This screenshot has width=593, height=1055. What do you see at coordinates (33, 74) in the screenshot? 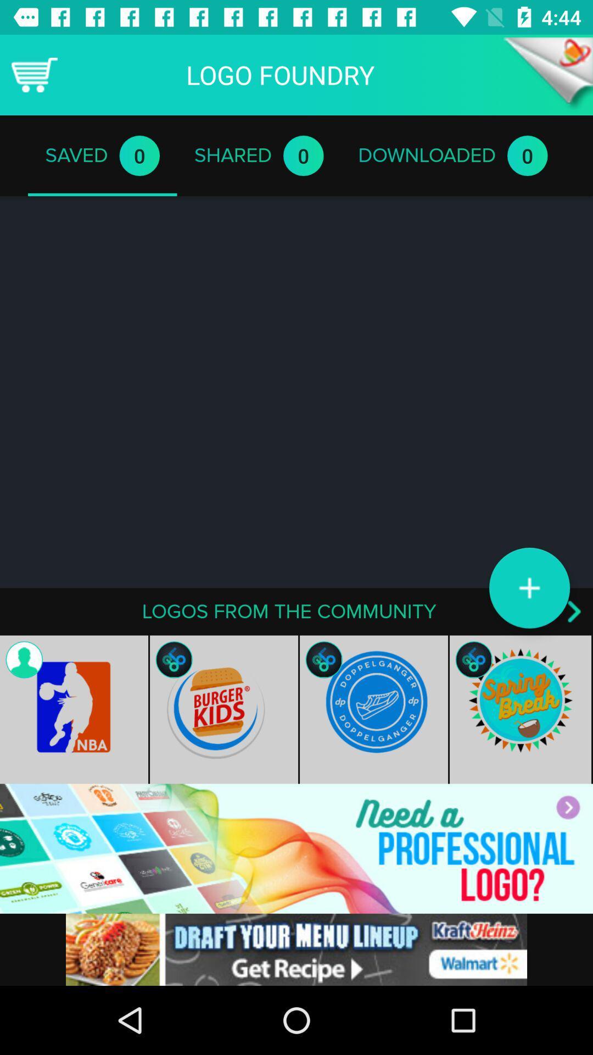
I see `open cart` at bounding box center [33, 74].